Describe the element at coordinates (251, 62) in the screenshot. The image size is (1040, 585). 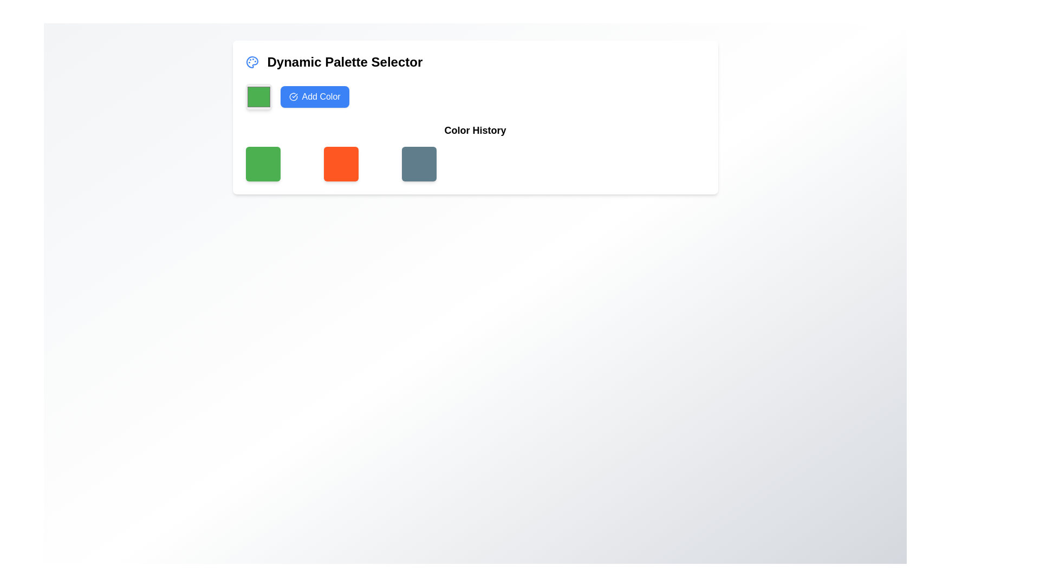
I see `the small blue outlined palette icon located to the left of the title 'Dynamic Palette Selector'` at that location.